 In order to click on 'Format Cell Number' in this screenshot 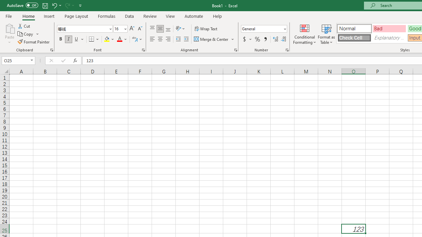, I will do `click(287, 49)`.